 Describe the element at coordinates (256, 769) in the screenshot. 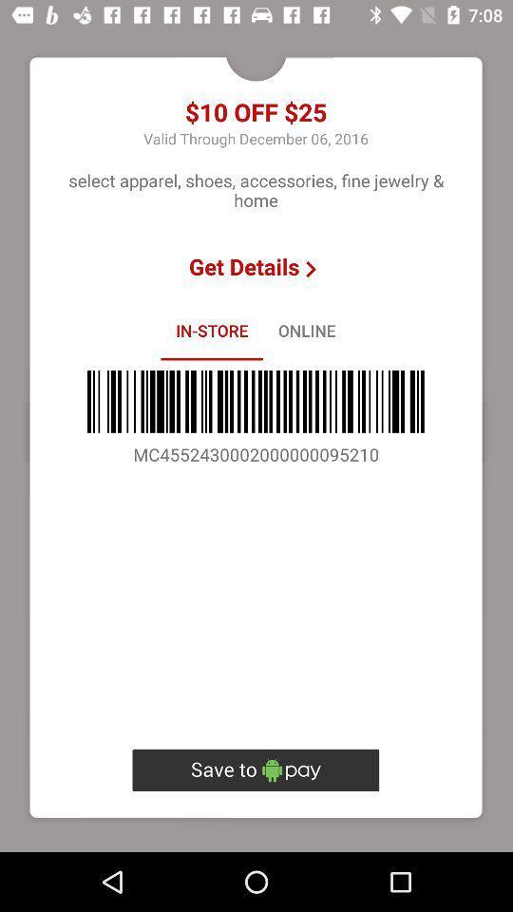

I see `the icon below mc4552430002000000095210` at that location.